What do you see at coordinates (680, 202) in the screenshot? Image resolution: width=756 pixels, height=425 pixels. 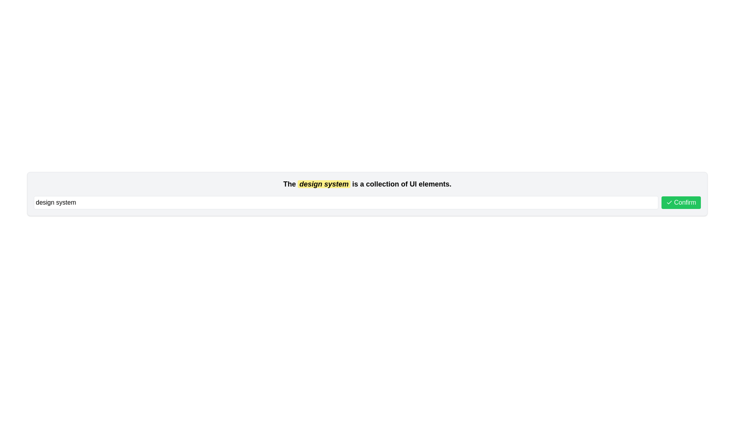 I see `the 'Confirm' button with a green background and white text` at bounding box center [680, 202].